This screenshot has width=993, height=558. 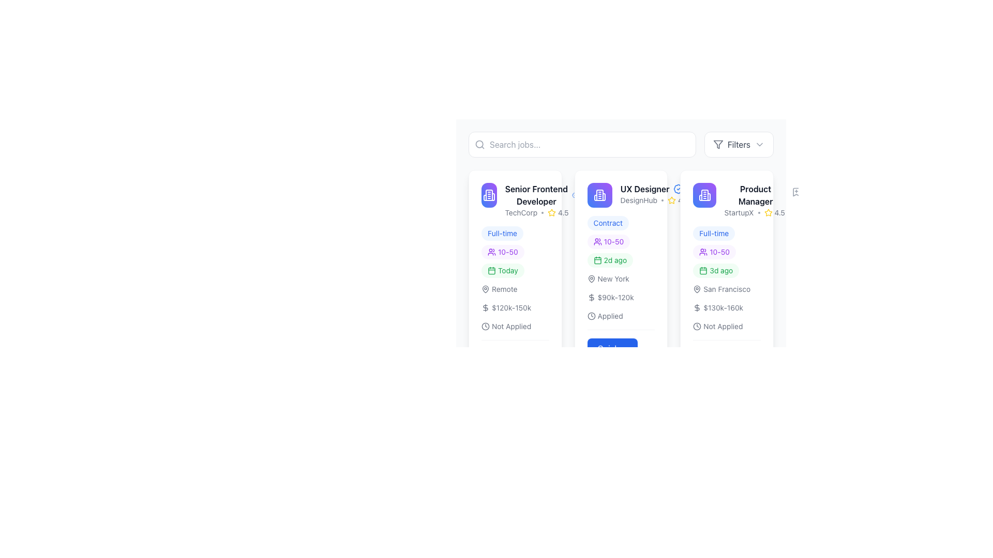 I want to click on information displayed in the vertically arranged list of job attributes for the 'Product Manager' position, located in the rightmost column of job listings, so click(x=726, y=279).